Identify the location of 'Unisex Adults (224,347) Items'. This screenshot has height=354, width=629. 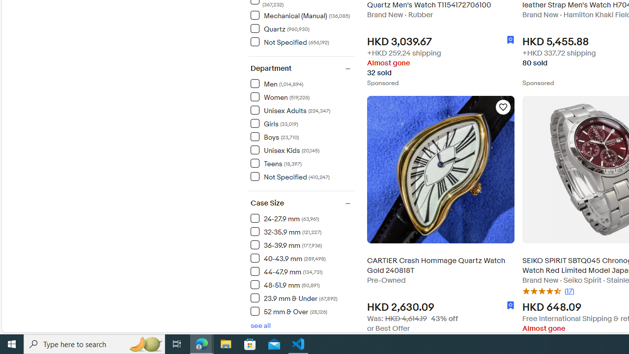
(290, 110).